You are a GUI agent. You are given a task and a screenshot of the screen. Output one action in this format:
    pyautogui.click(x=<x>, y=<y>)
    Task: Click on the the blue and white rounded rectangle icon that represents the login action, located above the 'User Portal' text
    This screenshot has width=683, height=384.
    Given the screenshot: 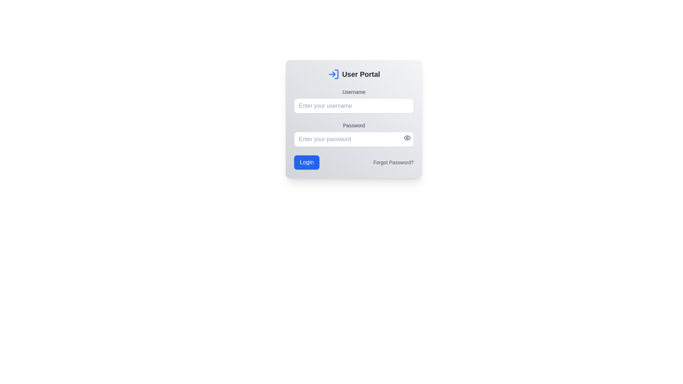 What is the action you would take?
    pyautogui.click(x=336, y=74)
    